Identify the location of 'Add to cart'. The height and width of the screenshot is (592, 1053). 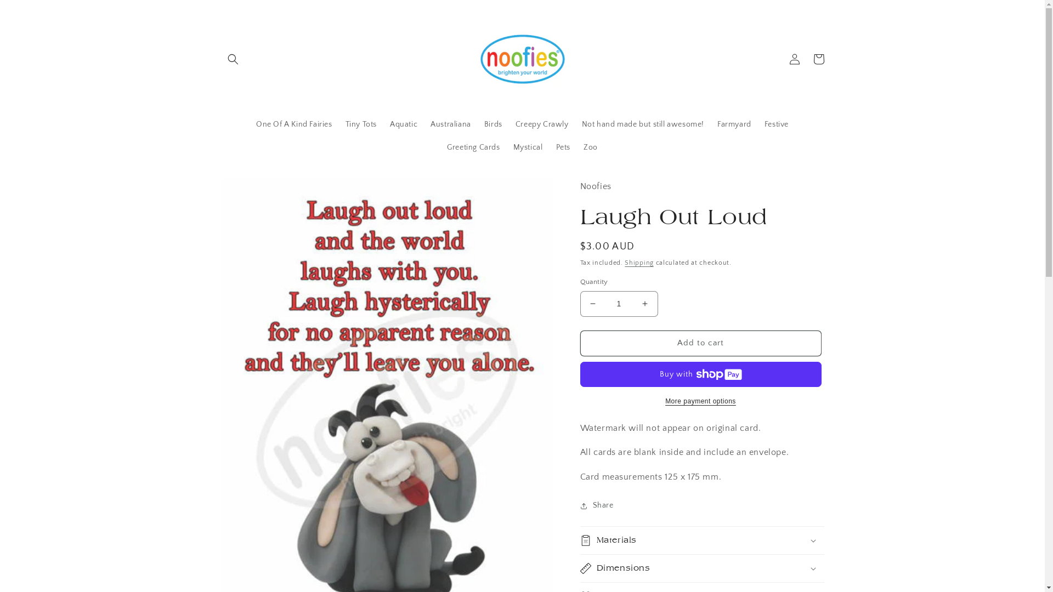
(700, 343).